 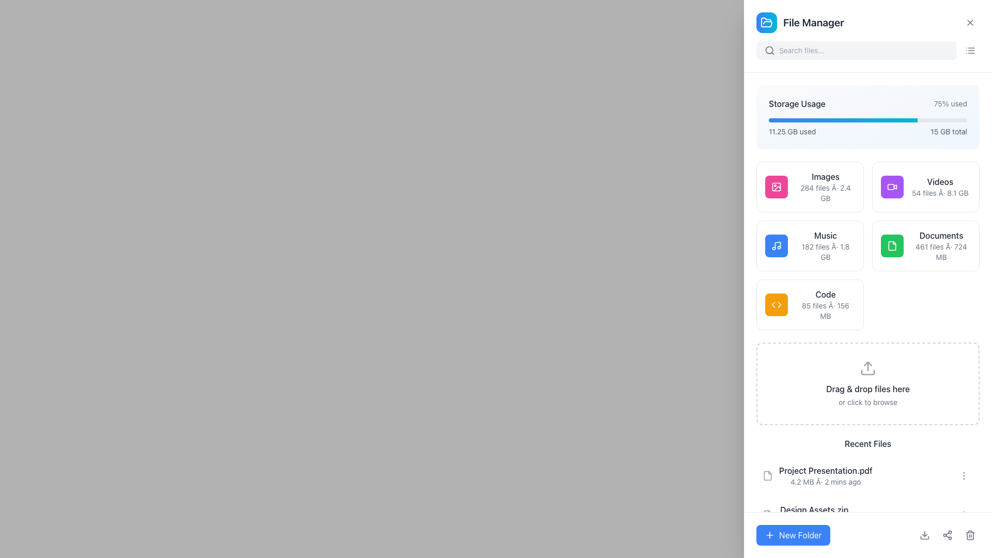 What do you see at coordinates (813, 22) in the screenshot?
I see `the static text label indicating the 'File Manager' section, located next to the blue file folder icon at the top of the interface` at bounding box center [813, 22].